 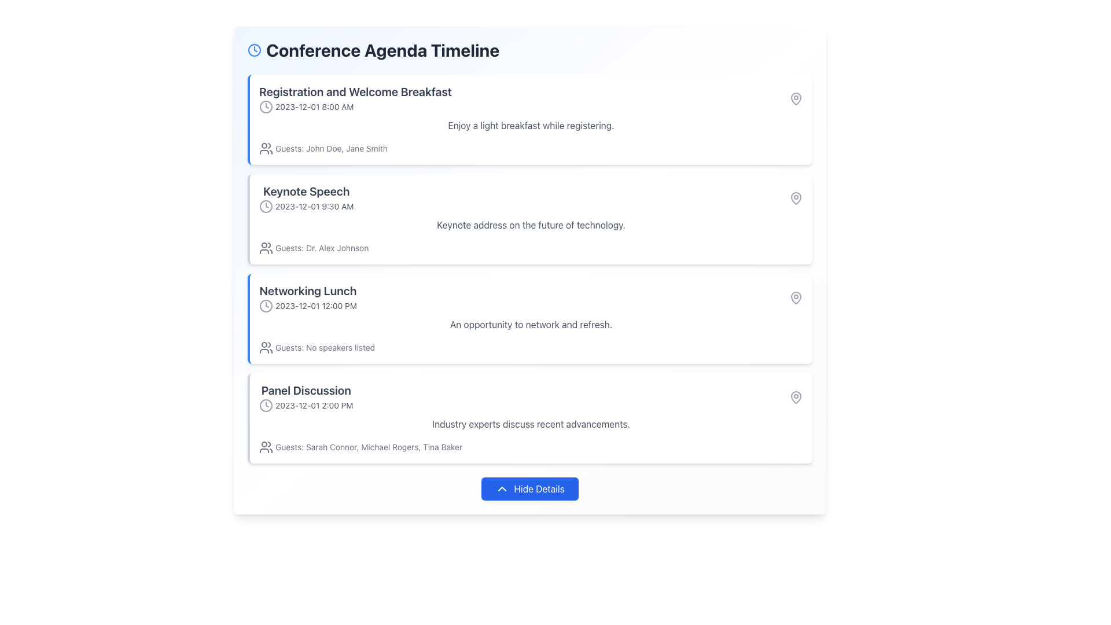 What do you see at coordinates (796, 396) in the screenshot?
I see `the gray pin-shaped icon located at the far right side of the 'Panel Discussion' panel, which is the fourth item in the vertical list of events` at bounding box center [796, 396].